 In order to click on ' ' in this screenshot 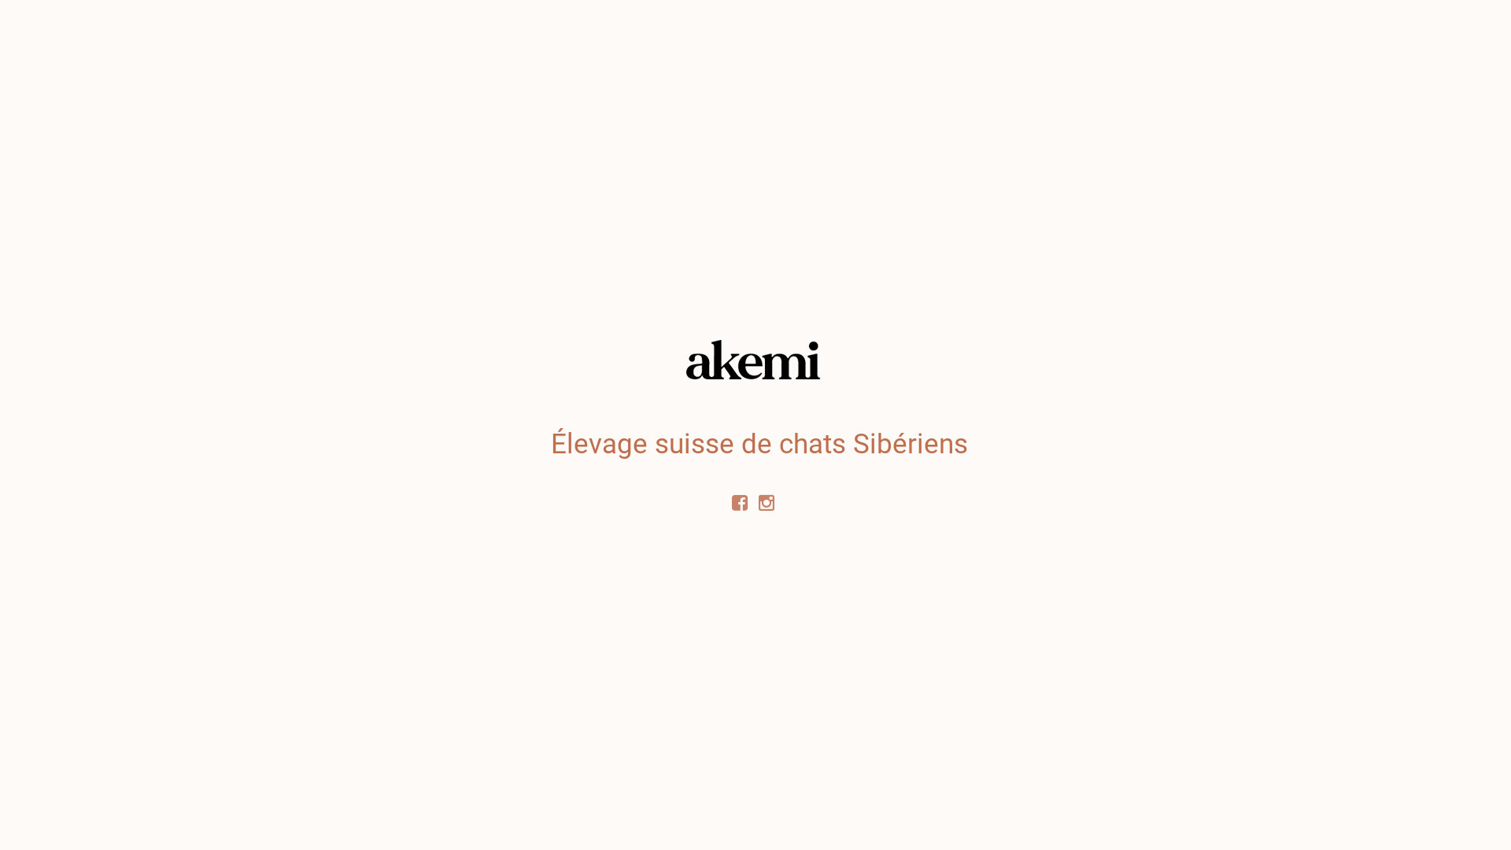, I will do `click(769, 501)`.